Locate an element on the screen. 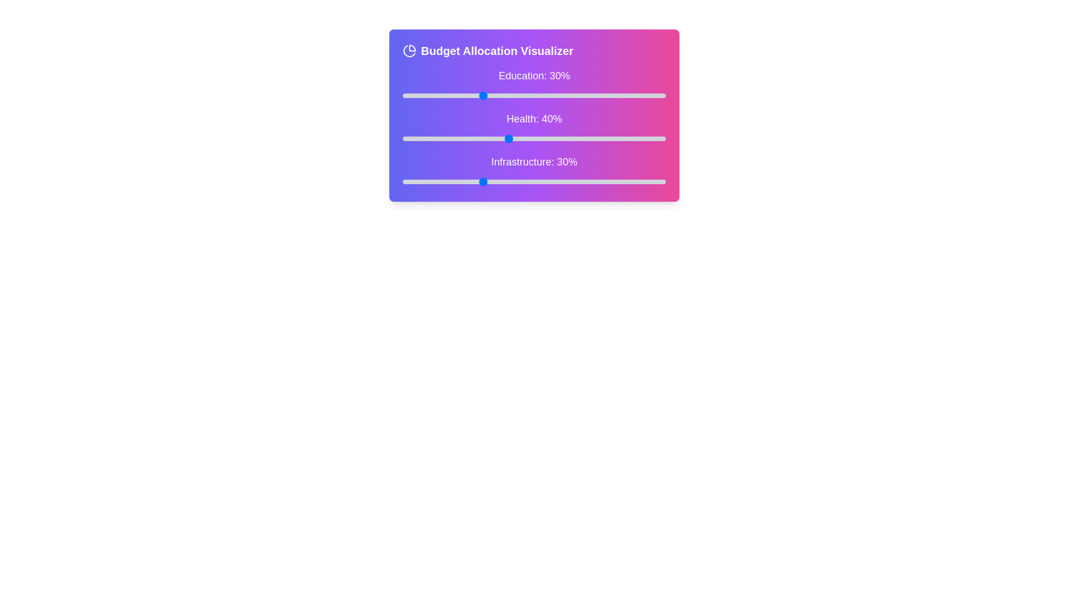 The height and width of the screenshot is (612, 1088). the Education budget is located at coordinates (505, 95).